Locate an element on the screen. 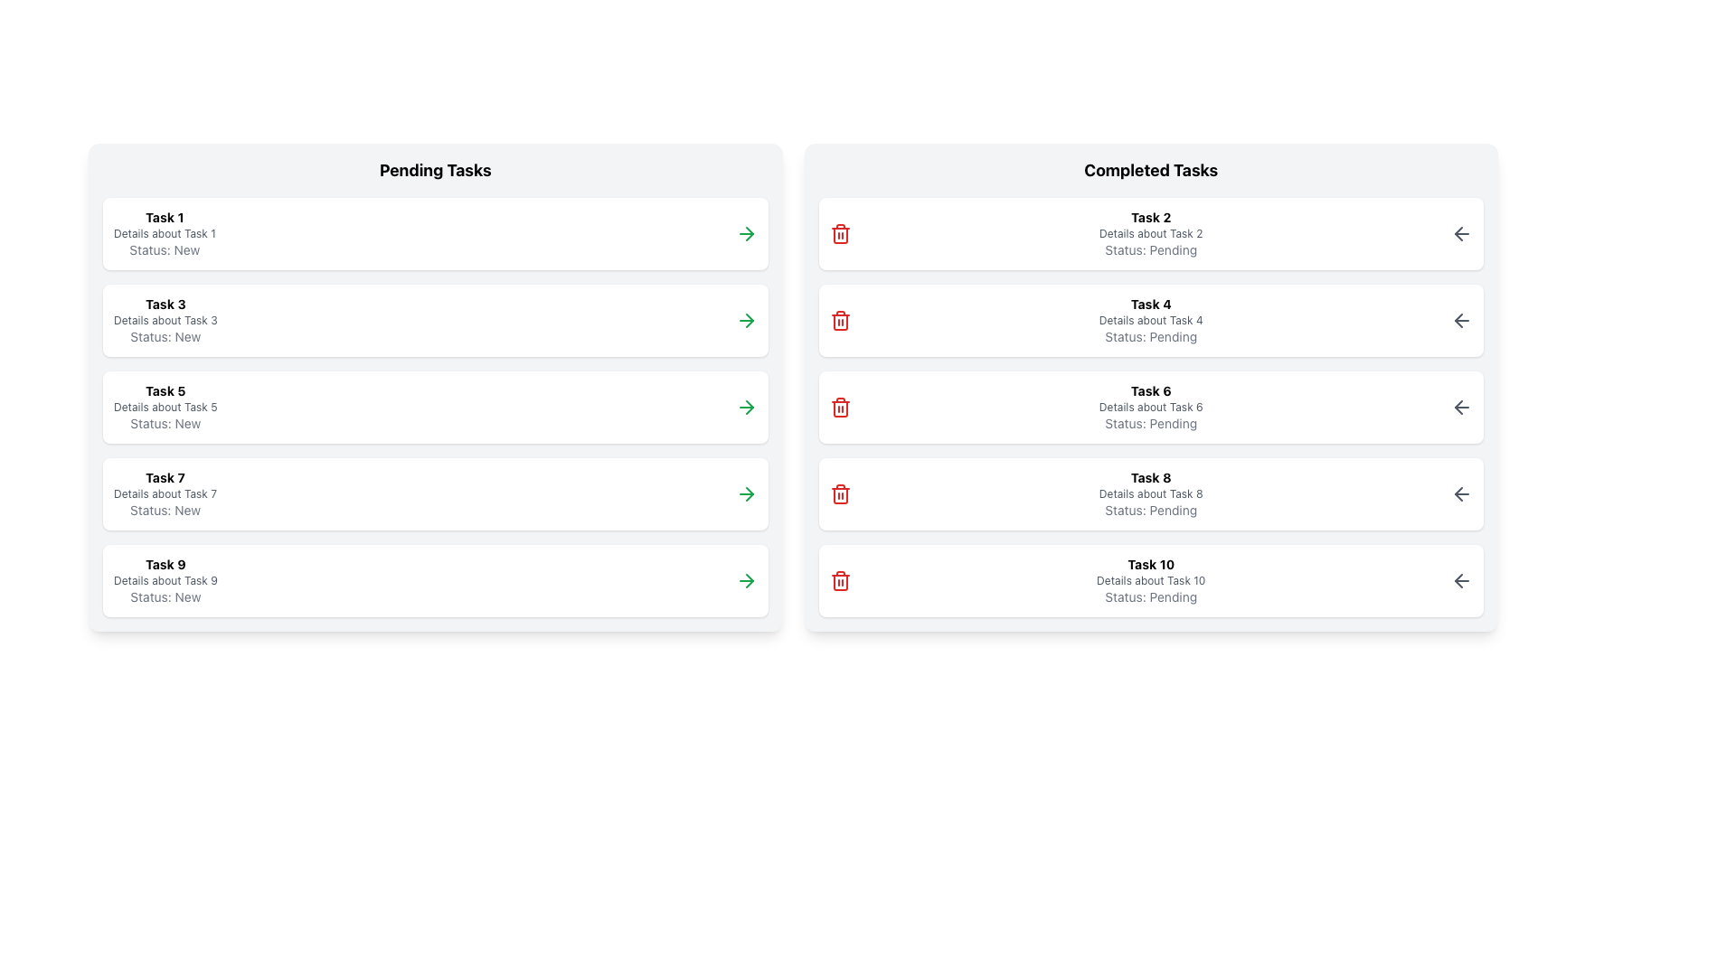  the Text Label that serves as a heading for the 'Pending Tasks' section, positioned at the top of the panel is located at coordinates (435, 171).